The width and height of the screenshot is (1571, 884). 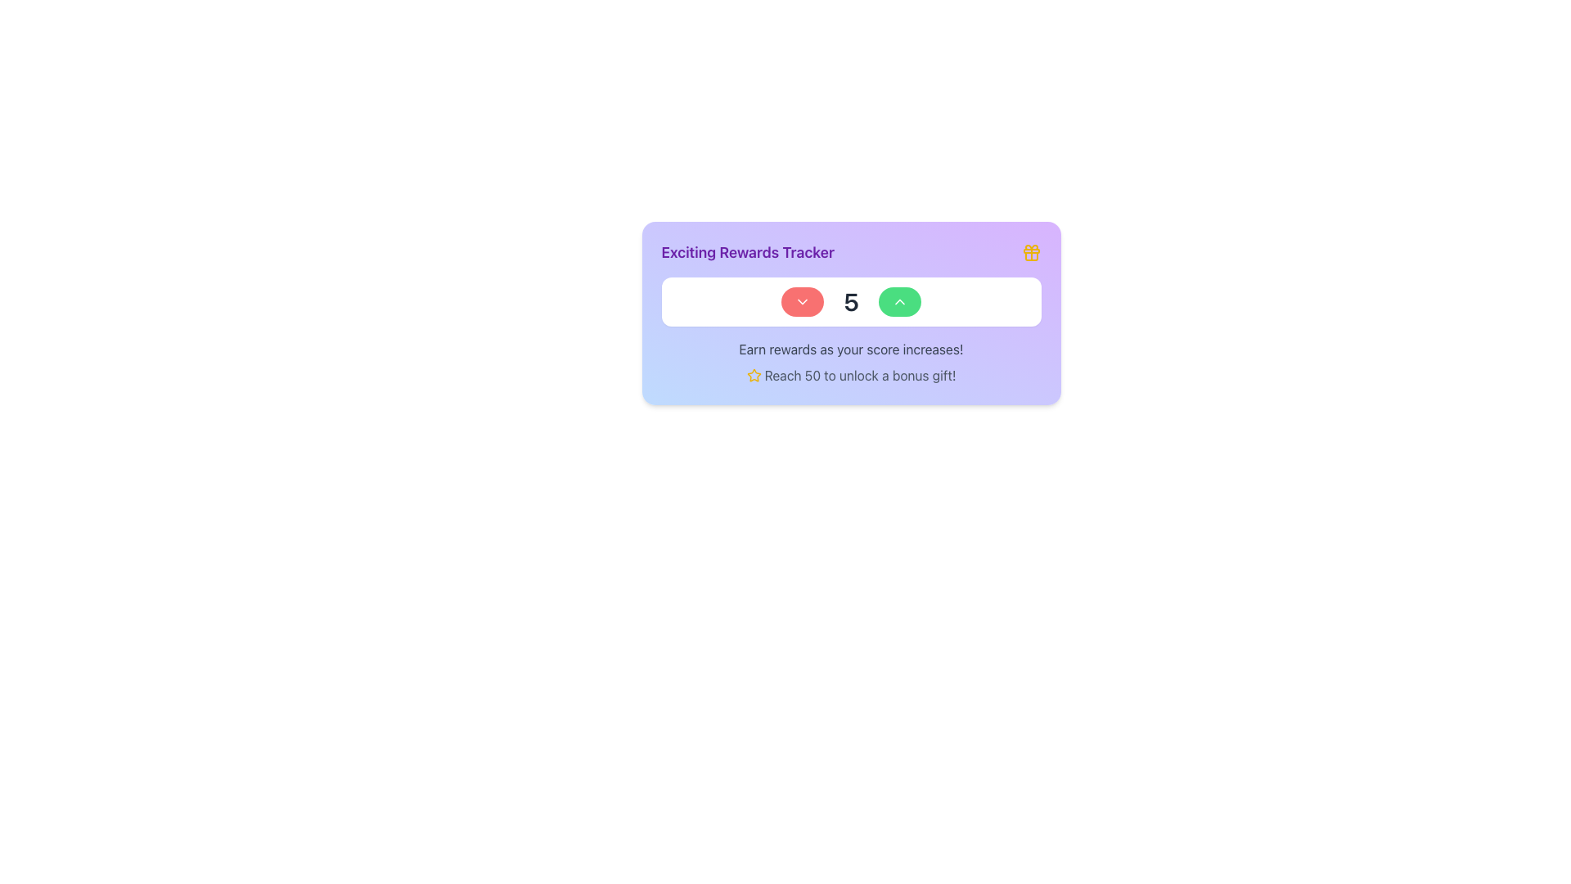 I want to click on the button that decreases the score, located to the left of the number '5' in the 'Exciting Rewards Tracker' section, so click(x=803, y=302).